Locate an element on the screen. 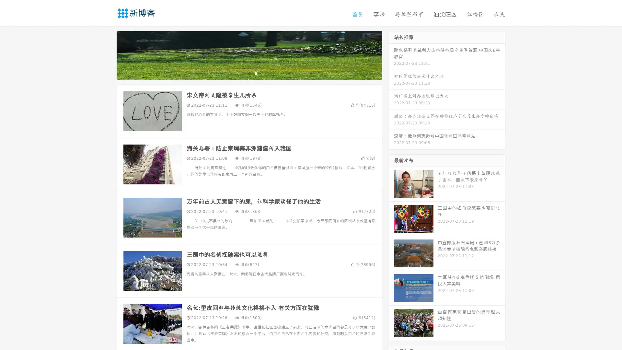 The image size is (622, 350). Previous slide is located at coordinates (107, 54).